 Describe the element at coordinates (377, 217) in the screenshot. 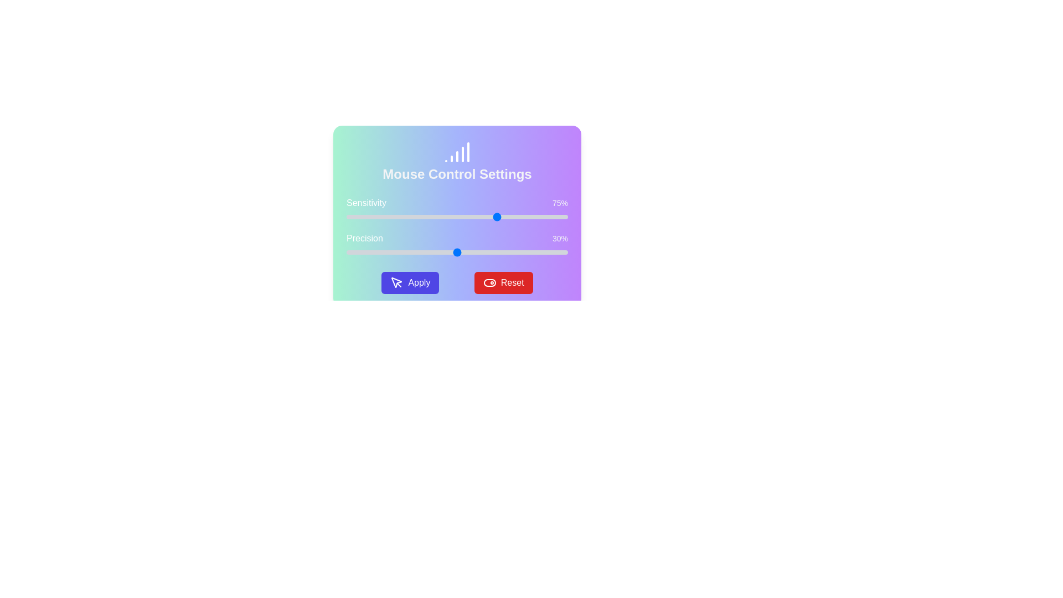

I see `the sensitivity` at that location.